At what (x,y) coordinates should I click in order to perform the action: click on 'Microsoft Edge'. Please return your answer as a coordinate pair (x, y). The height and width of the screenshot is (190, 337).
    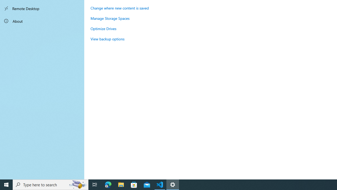
    Looking at the image, I should click on (108, 184).